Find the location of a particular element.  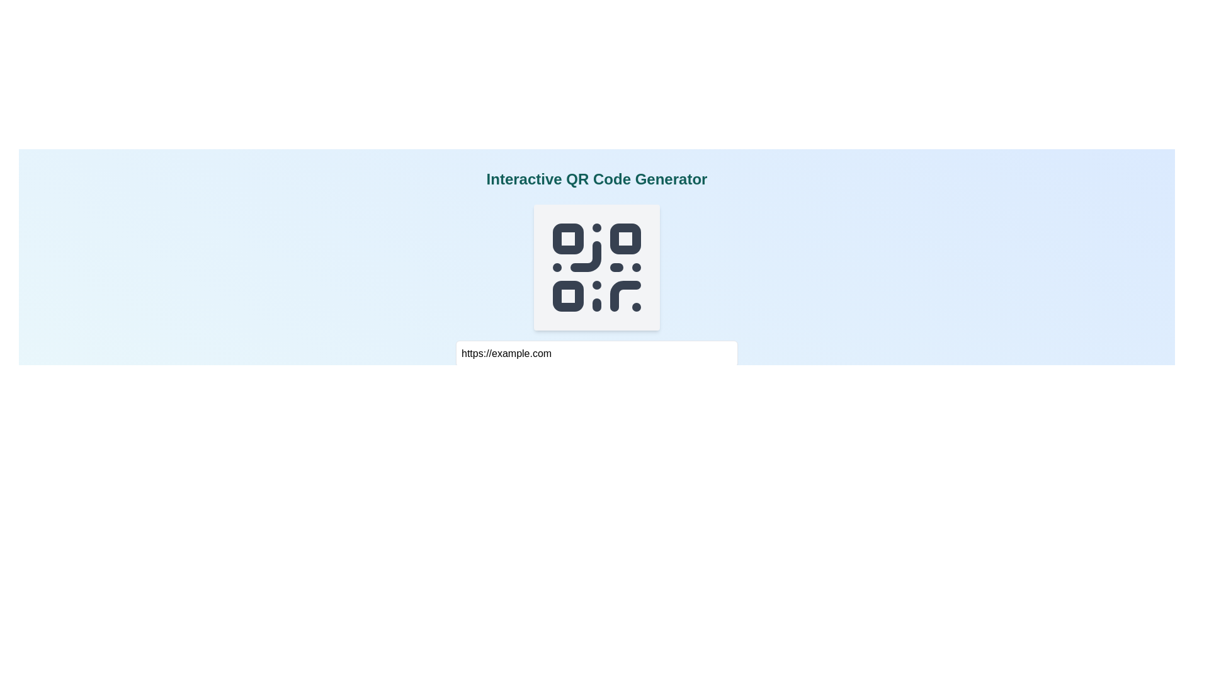

the QR Code Segment located in the second row and second column of the QR code structure is located at coordinates (625, 239).